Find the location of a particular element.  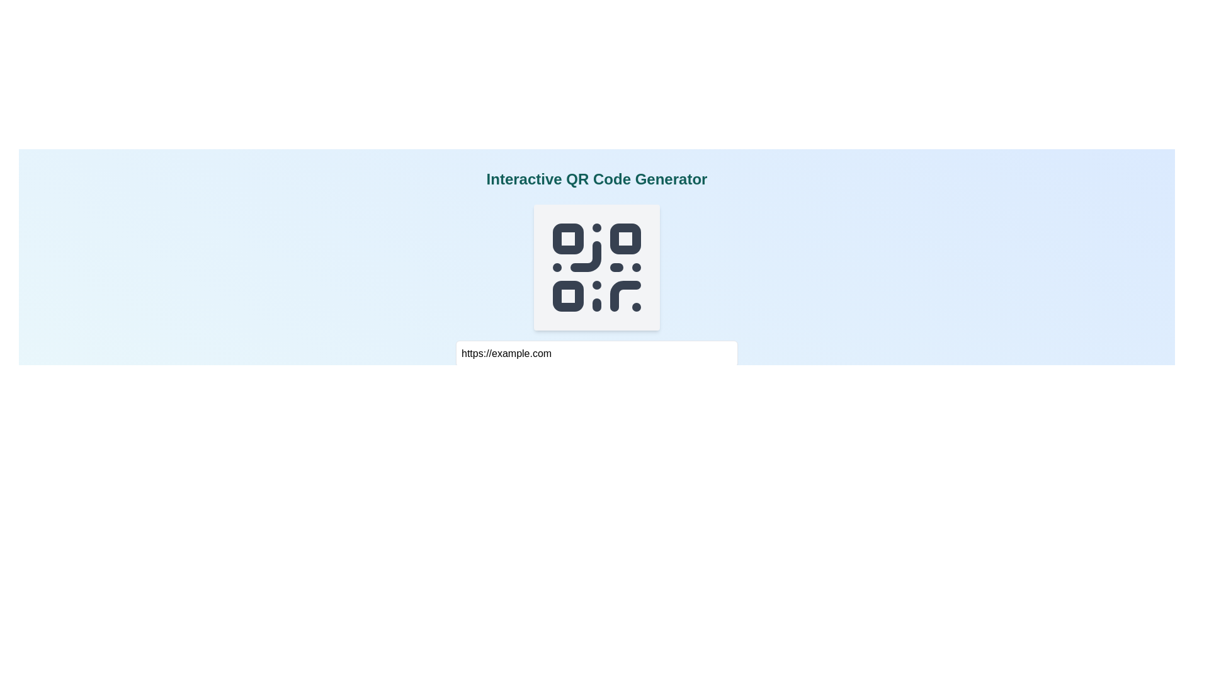

the QR Code Segment located in the second row and second column of the QR code structure is located at coordinates (625, 239).